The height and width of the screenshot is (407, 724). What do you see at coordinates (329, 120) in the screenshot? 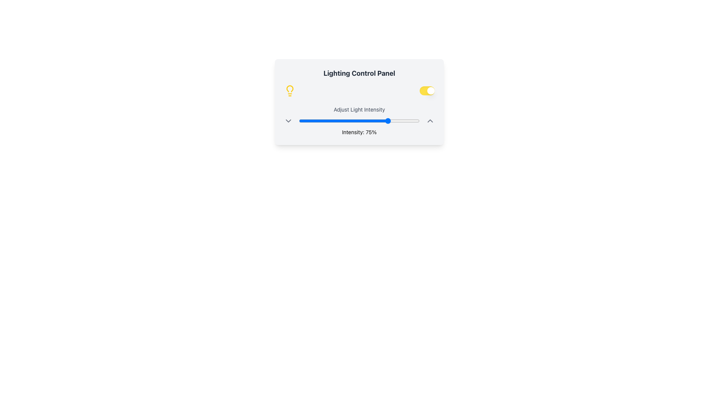
I see `light intensity` at bounding box center [329, 120].